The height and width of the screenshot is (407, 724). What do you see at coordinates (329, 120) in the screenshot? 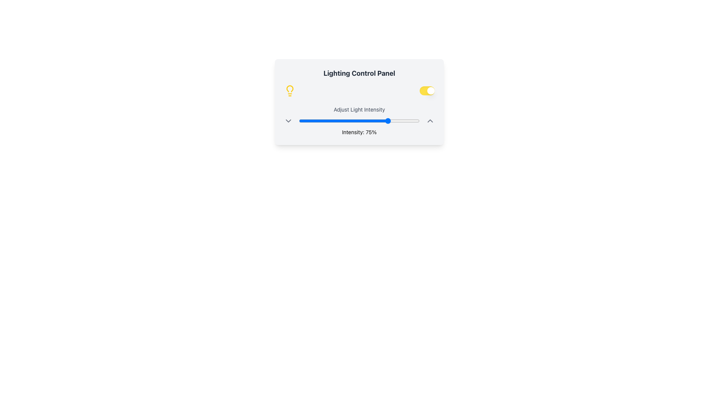
I see `light intensity` at bounding box center [329, 120].